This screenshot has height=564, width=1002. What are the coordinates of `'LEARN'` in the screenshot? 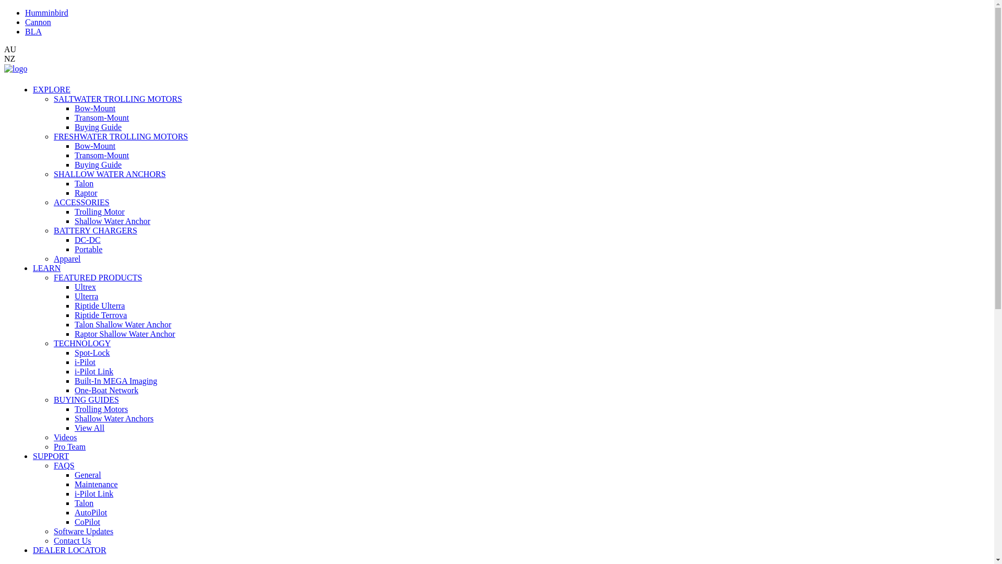 It's located at (32, 267).